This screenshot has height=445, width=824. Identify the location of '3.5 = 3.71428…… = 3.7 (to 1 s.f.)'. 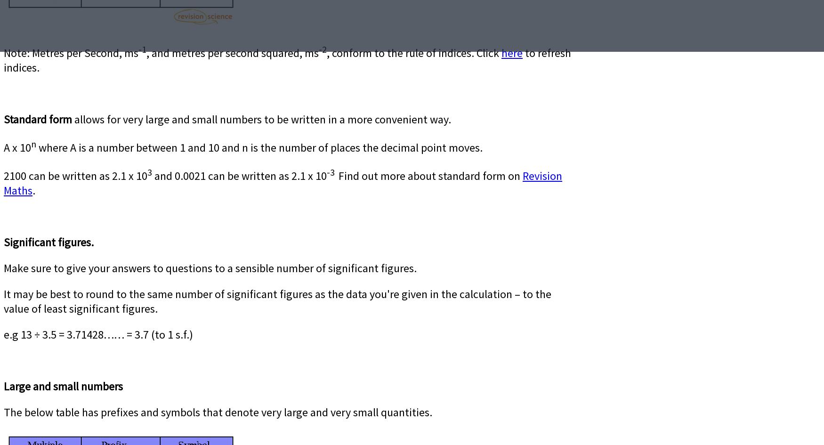
(118, 334).